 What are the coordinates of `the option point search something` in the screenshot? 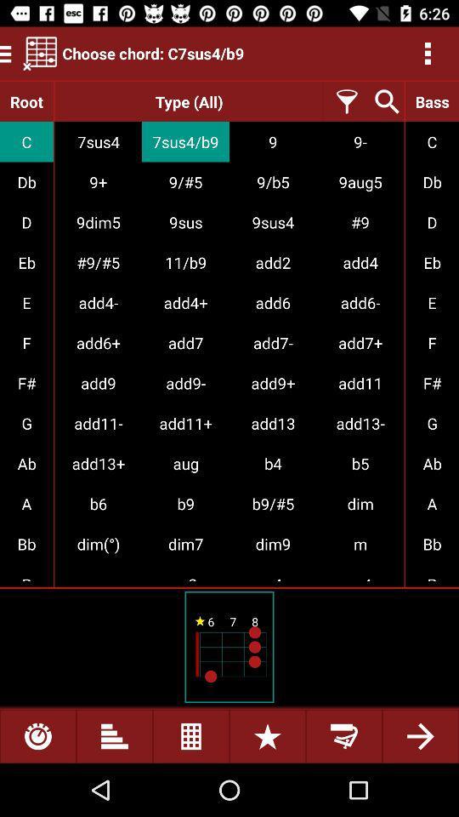 It's located at (383, 101).